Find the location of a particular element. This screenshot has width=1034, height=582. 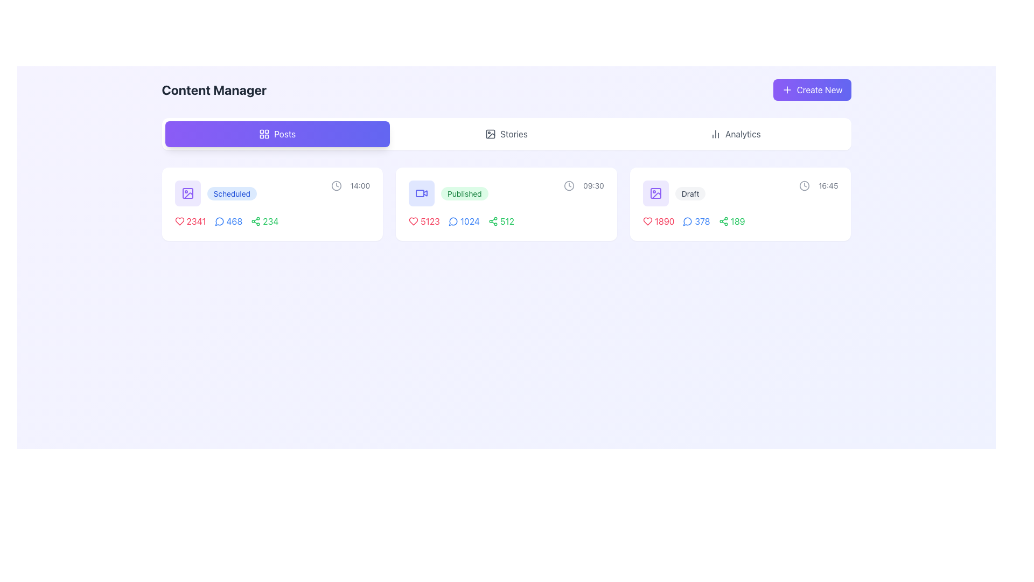

the 'Scheduled' badge element with a light blue background located in the first card under the 'Posts' tab is located at coordinates (231, 193).